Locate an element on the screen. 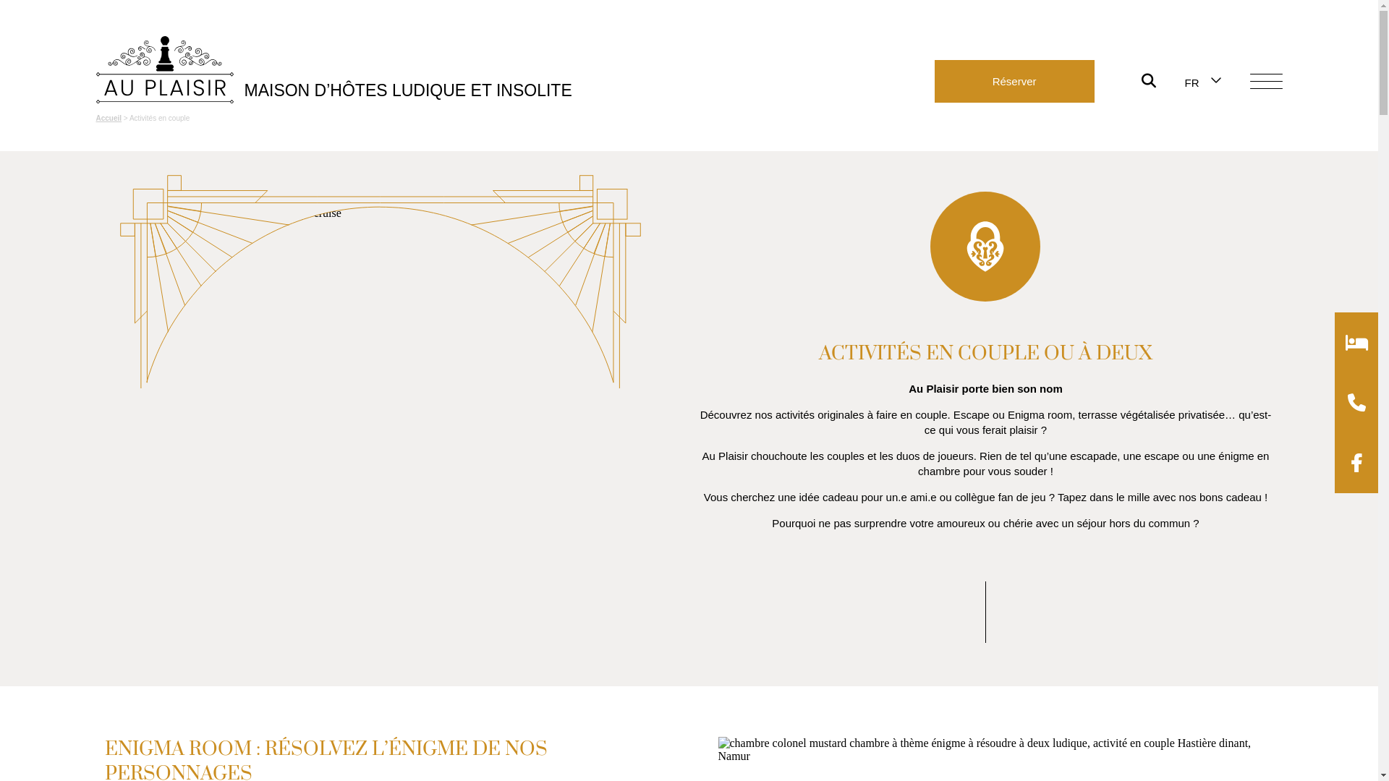 This screenshot has height=781, width=1389. 'Accueil' is located at coordinates (107, 117).